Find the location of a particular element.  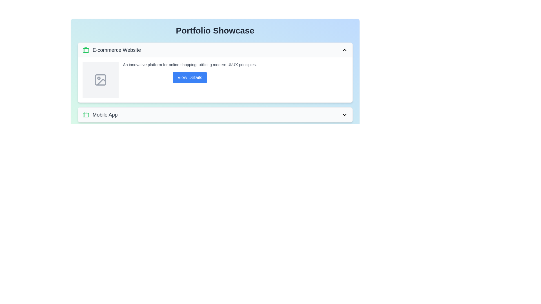

the text label providing a description about the 'E-commerce Website' feature, which is located directly below the title and above the 'View Details' button is located at coordinates (190, 64).